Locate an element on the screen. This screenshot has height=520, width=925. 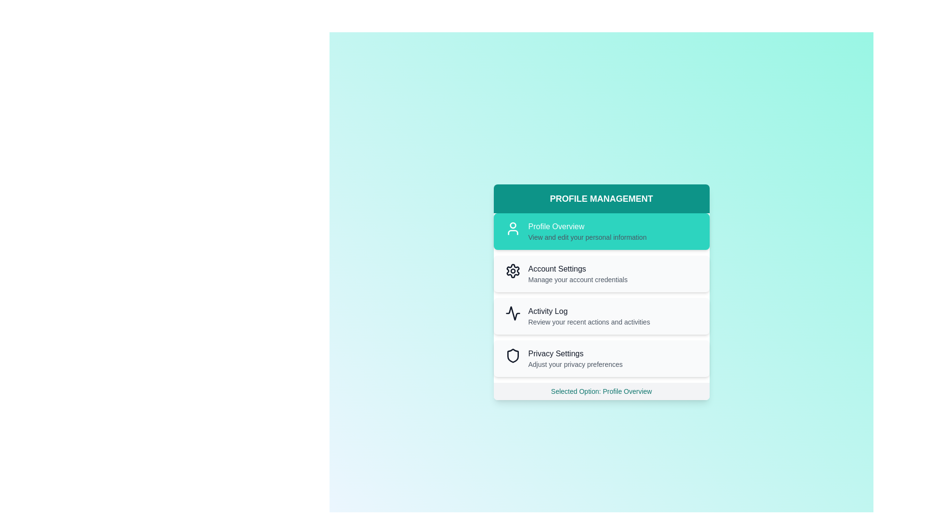
the button corresponding to Activity Log is located at coordinates (601, 316).